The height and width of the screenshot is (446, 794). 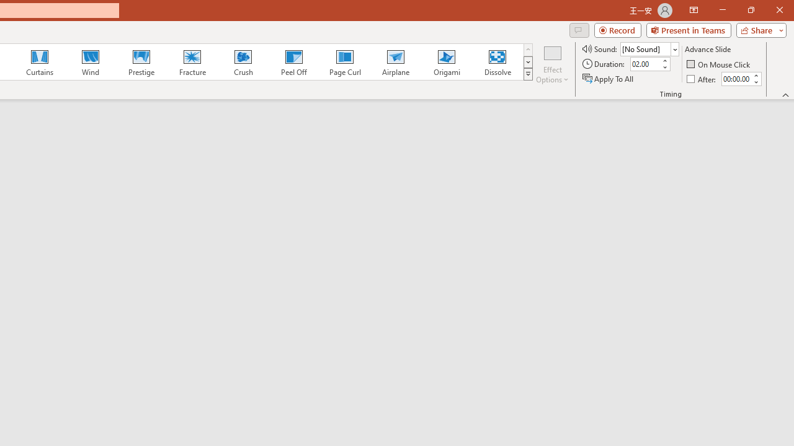 What do you see at coordinates (293, 62) in the screenshot?
I see `'Peel Off'` at bounding box center [293, 62].